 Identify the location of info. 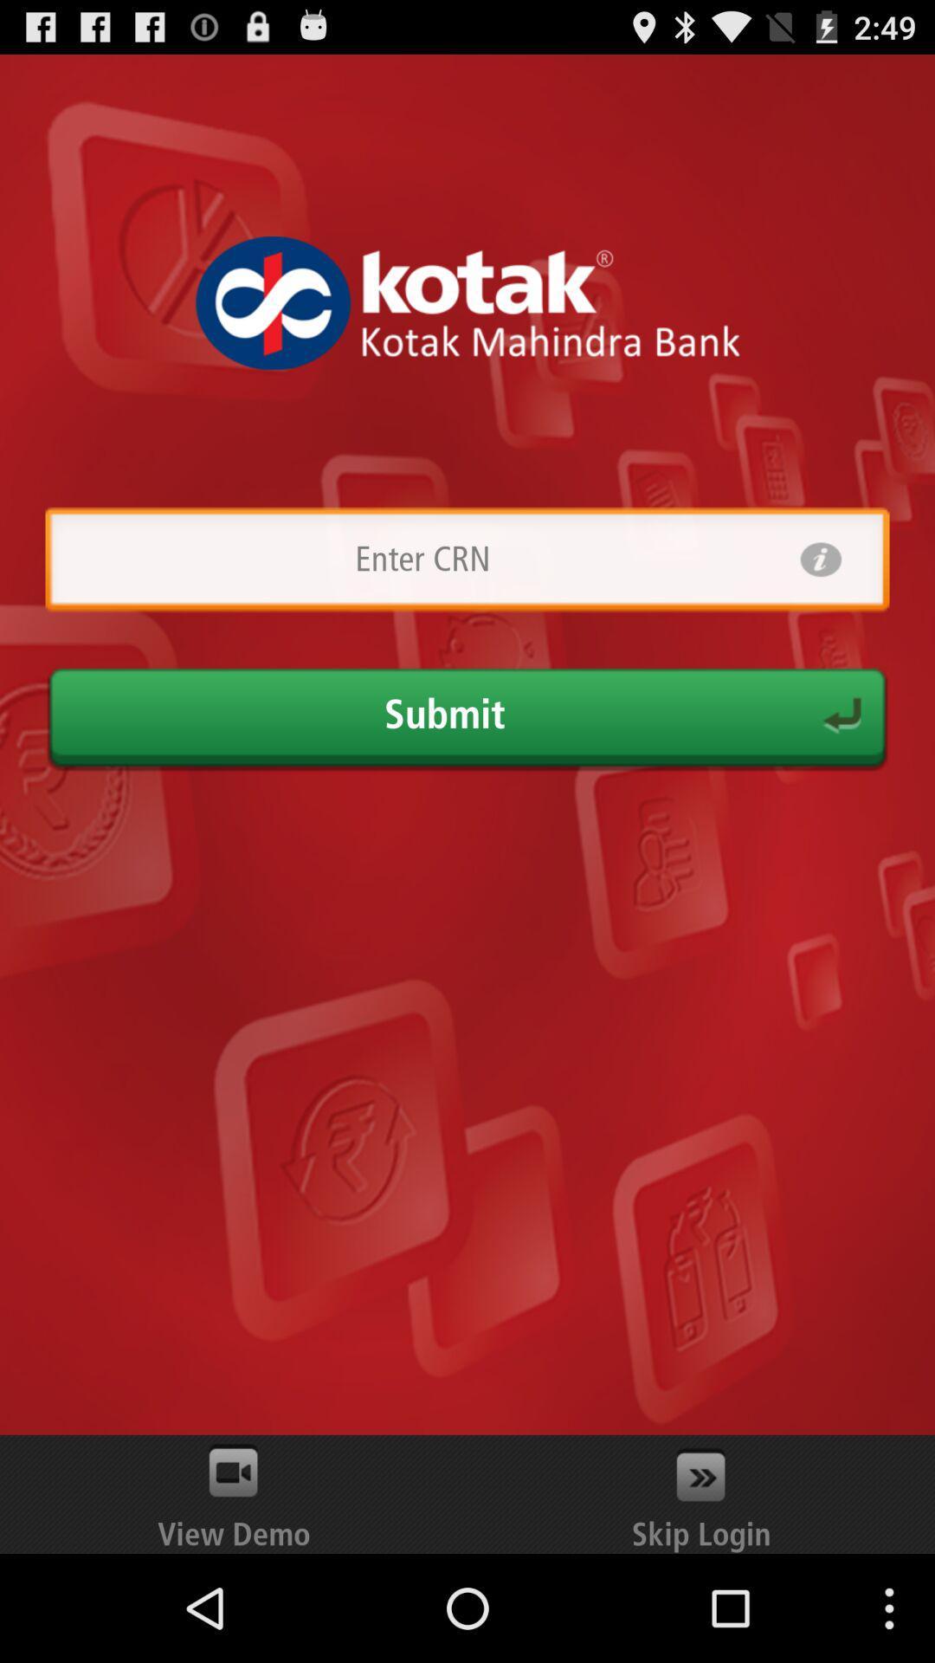
(820, 560).